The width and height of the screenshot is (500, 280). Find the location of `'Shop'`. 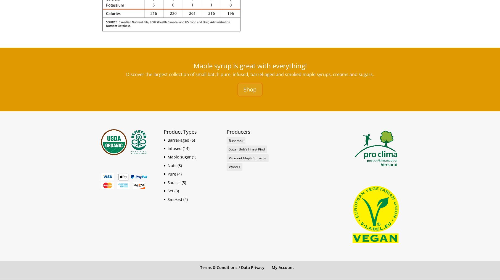

'Shop' is located at coordinates (250, 89).